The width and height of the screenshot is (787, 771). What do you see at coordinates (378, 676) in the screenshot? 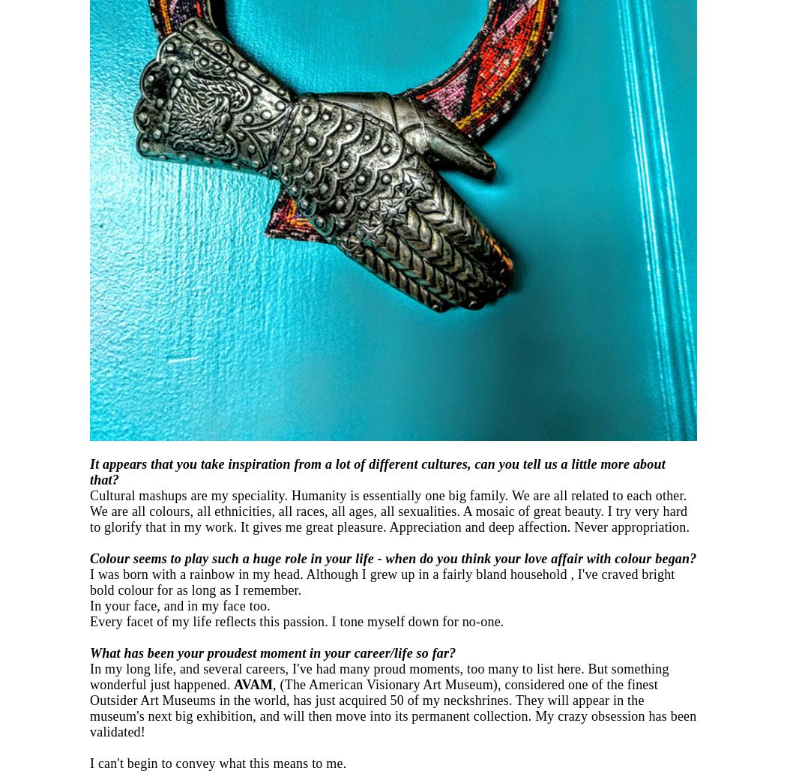
I see `'In my long life, and several careers, I've had many proud moments, too many to list here. But something wonderful just happened.'` at bounding box center [378, 676].